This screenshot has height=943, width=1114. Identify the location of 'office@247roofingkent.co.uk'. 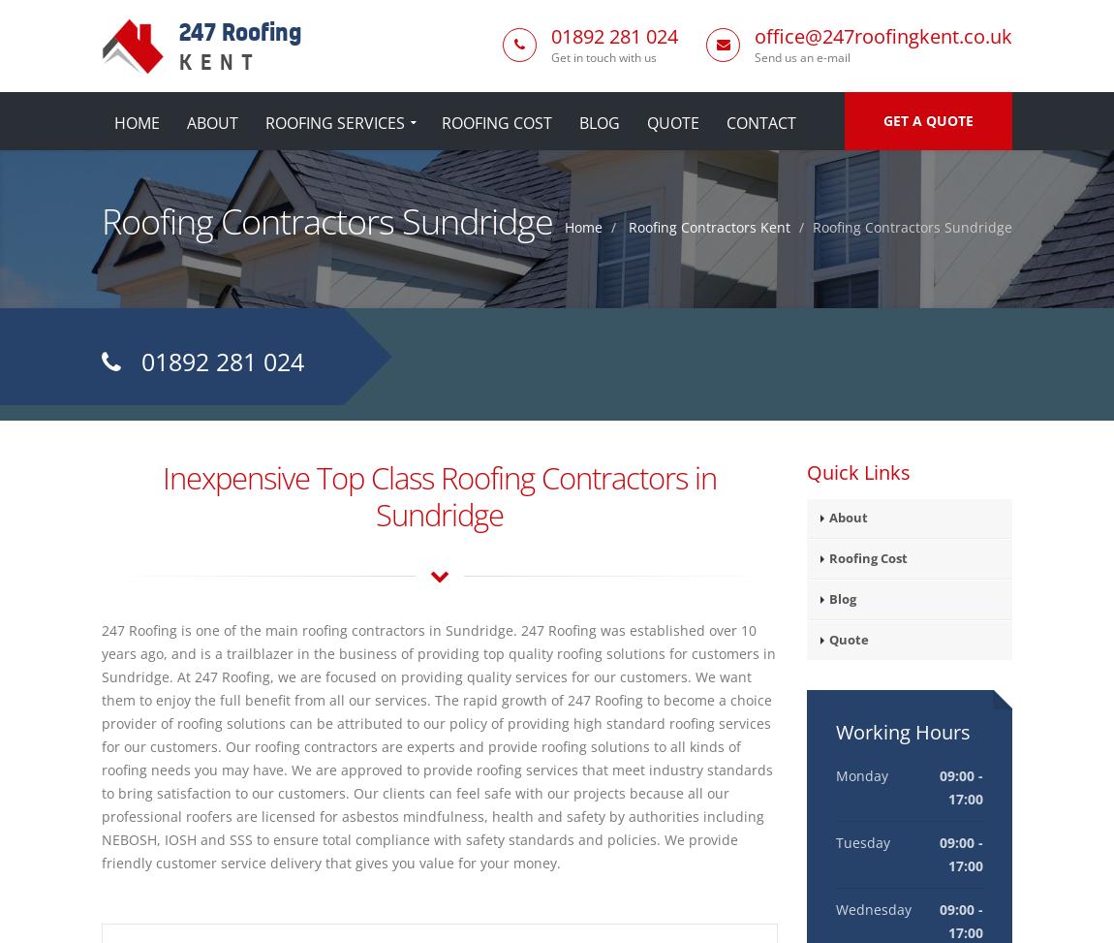
(882, 36).